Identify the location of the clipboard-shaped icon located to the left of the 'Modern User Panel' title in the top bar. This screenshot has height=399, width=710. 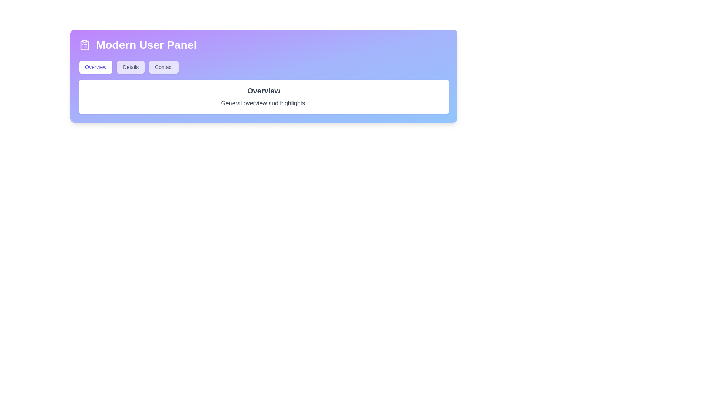
(85, 45).